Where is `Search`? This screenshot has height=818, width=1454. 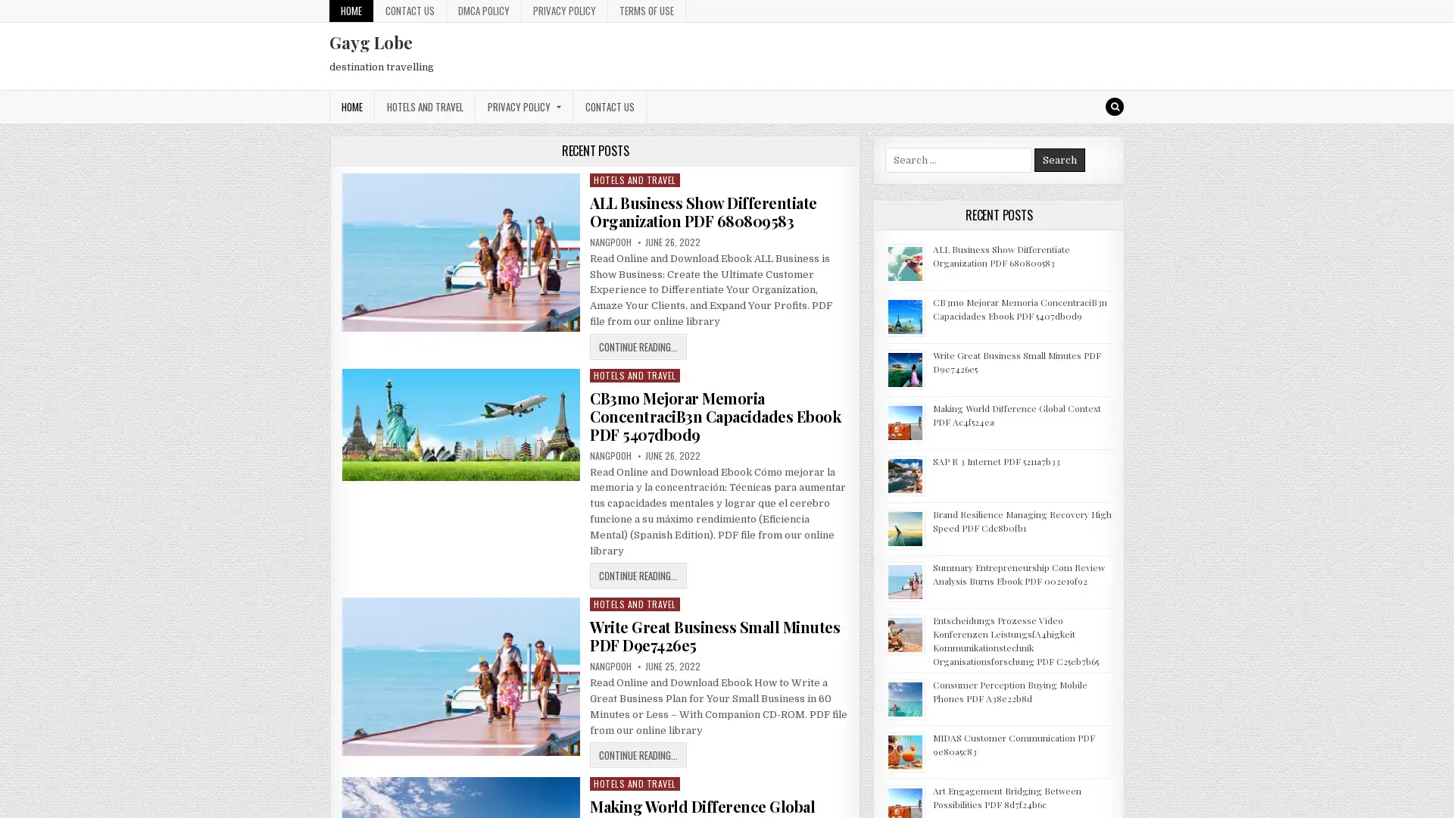
Search is located at coordinates (1059, 160).